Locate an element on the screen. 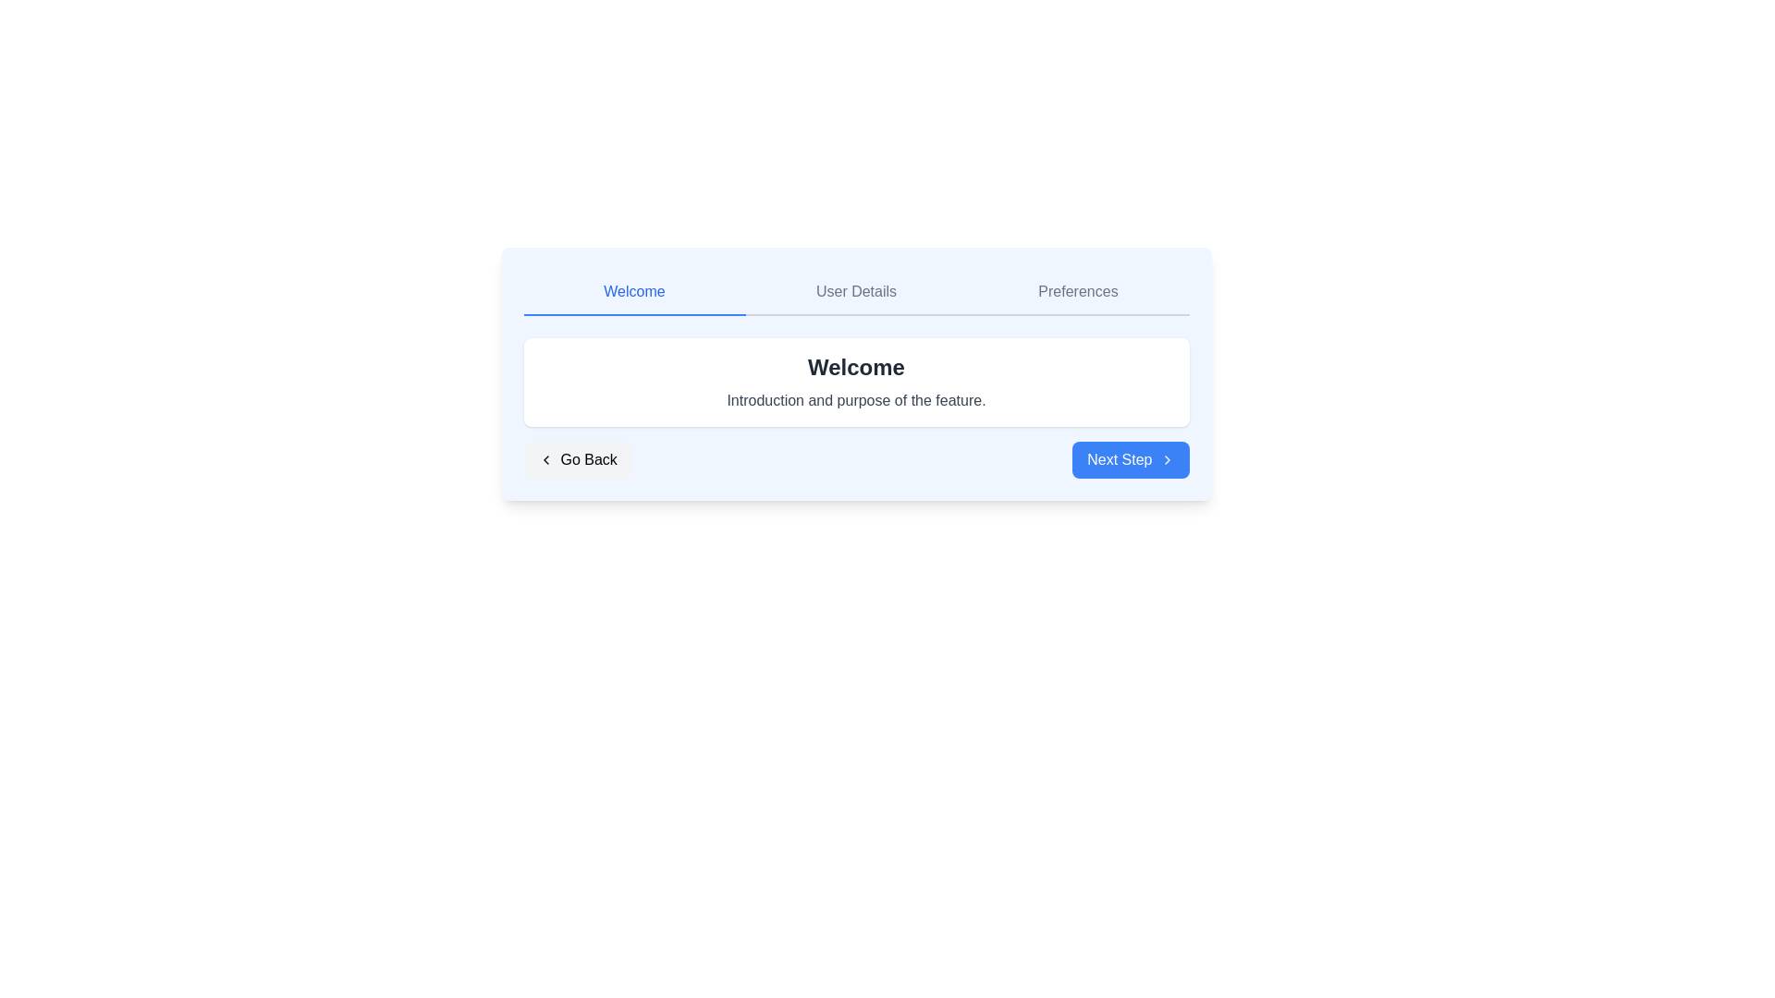 The image size is (1775, 998). the design of the distinct chevron icon located at the far right of the blue 'Next Step' button at the bottom-right corner of the content area is located at coordinates (1166, 458).